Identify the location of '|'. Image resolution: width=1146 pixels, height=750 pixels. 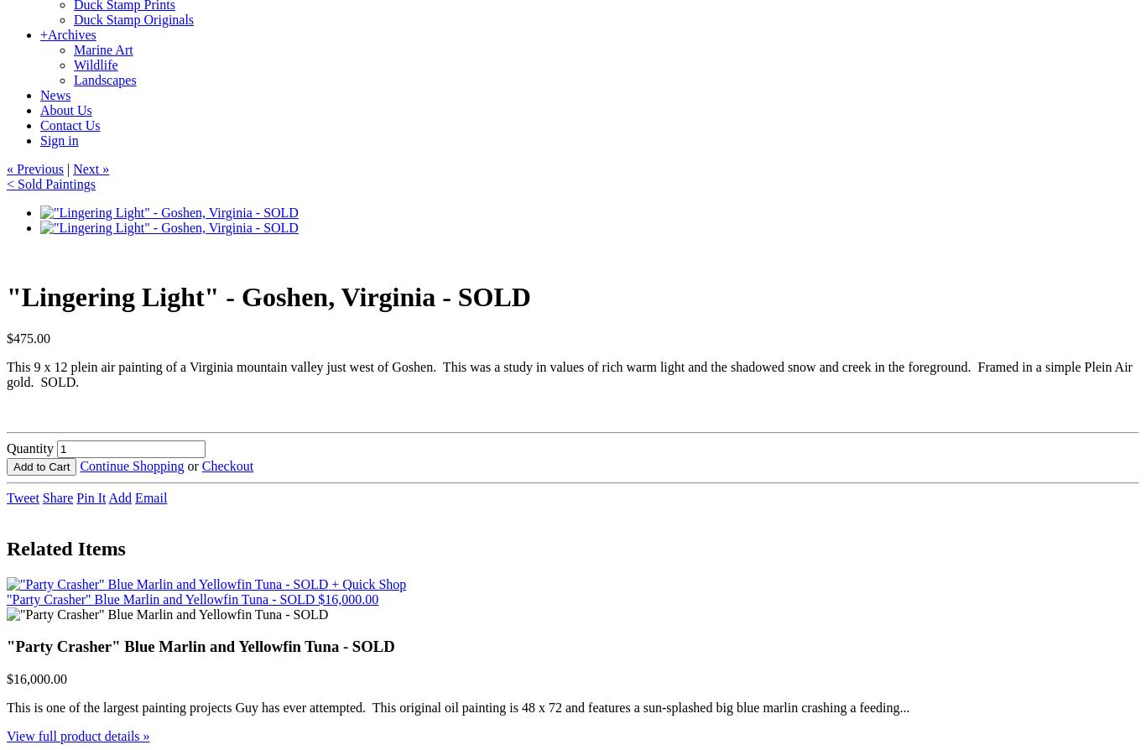
(68, 169).